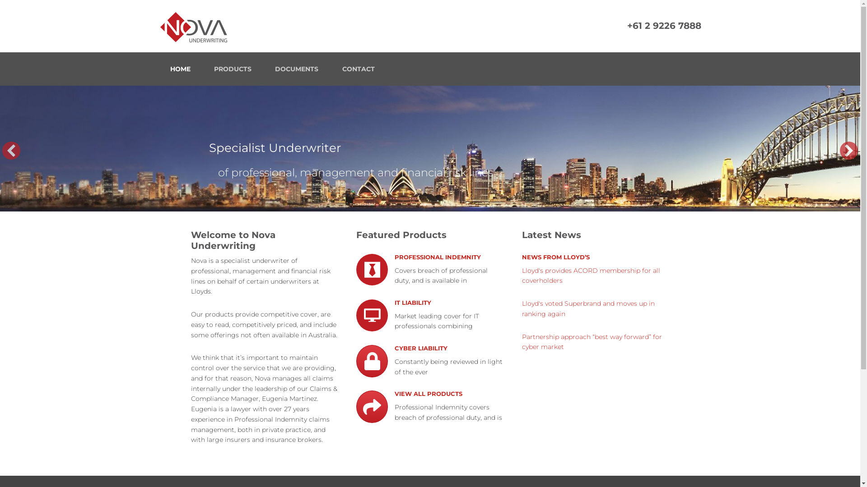 The image size is (867, 487). Describe the element at coordinates (233, 69) in the screenshot. I see `'PRODUCTS'` at that location.